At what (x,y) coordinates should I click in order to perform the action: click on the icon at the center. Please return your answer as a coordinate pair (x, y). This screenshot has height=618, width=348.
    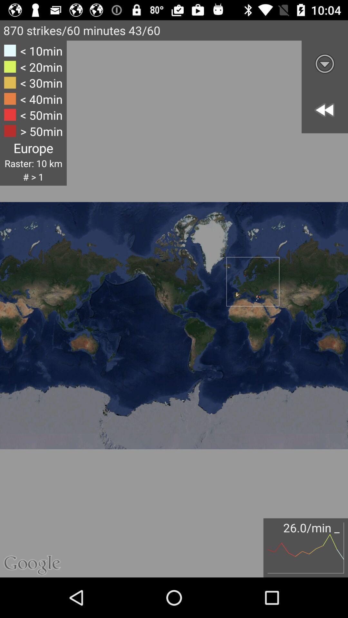
    Looking at the image, I should click on (174, 298).